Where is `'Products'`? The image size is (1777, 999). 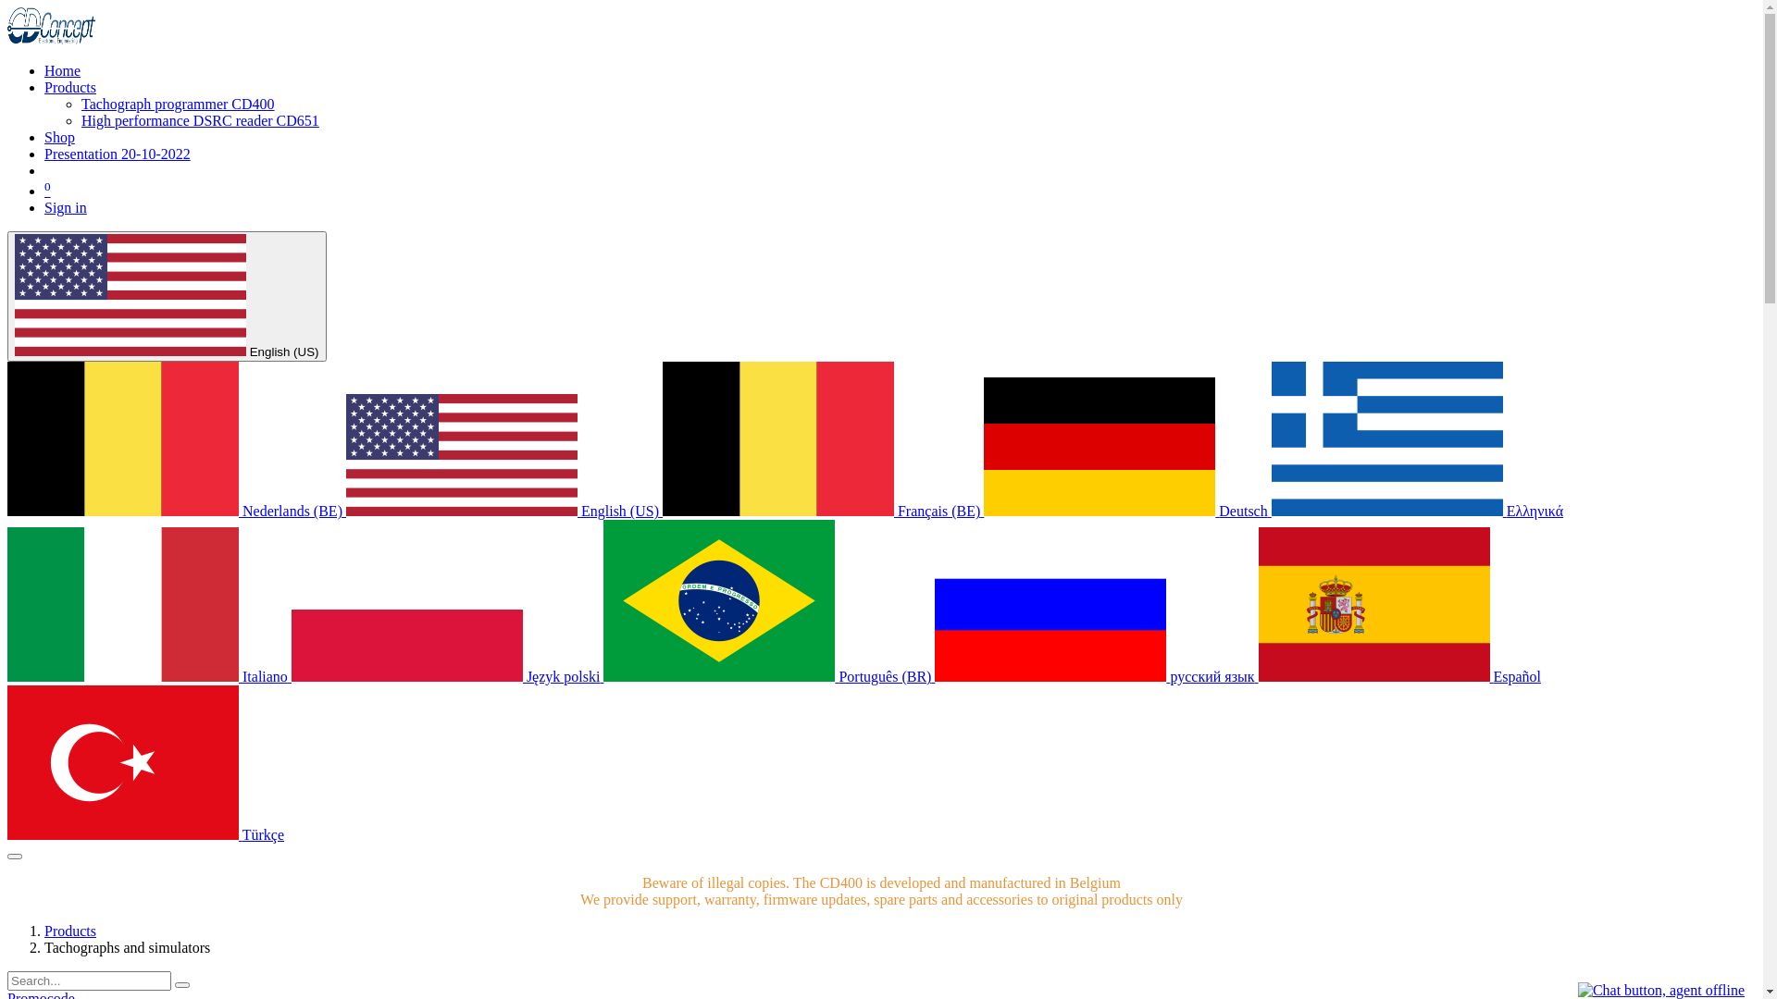 'Products' is located at coordinates (70, 931).